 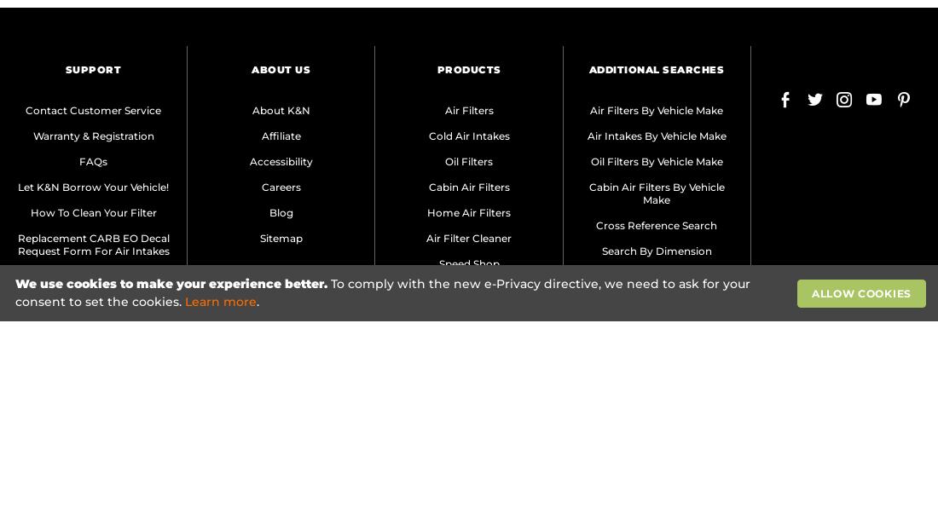 I want to click on 'Search by dimension', so click(x=656, y=249).